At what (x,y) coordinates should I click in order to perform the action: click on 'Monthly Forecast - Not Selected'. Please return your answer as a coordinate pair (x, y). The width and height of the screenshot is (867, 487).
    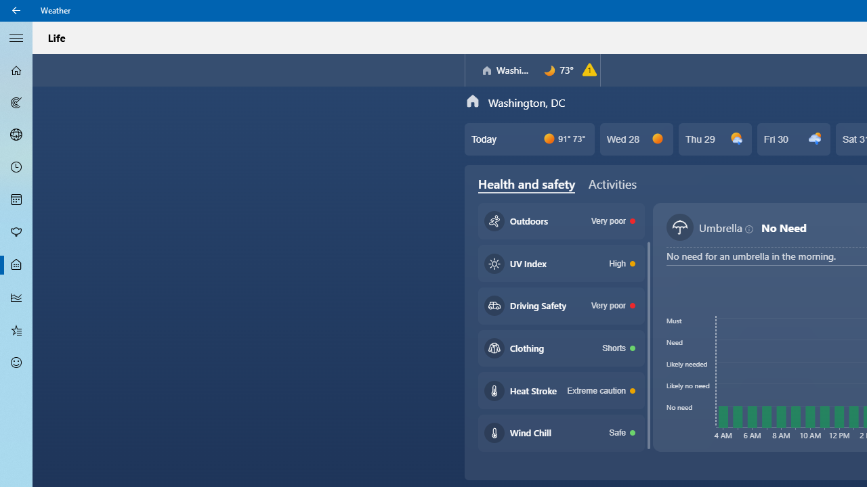
    Looking at the image, I should click on (16, 200).